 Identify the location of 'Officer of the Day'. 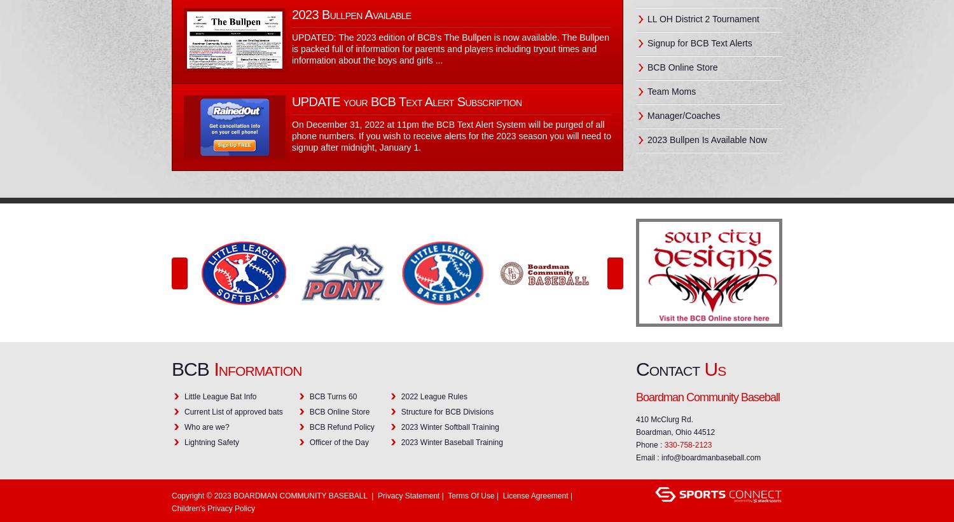
(308, 442).